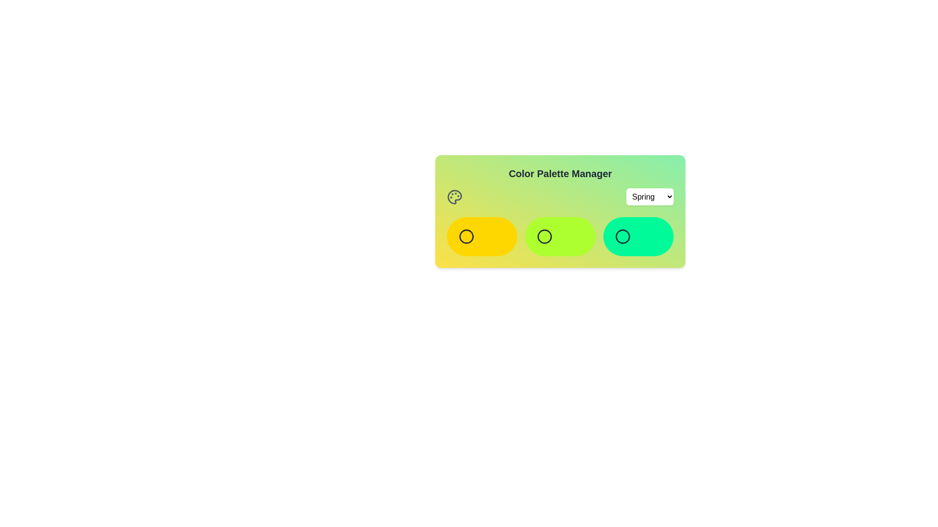  What do you see at coordinates (650, 197) in the screenshot?
I see `the color palette Winter from the dropdown menu` at bounding box center [650, 197].